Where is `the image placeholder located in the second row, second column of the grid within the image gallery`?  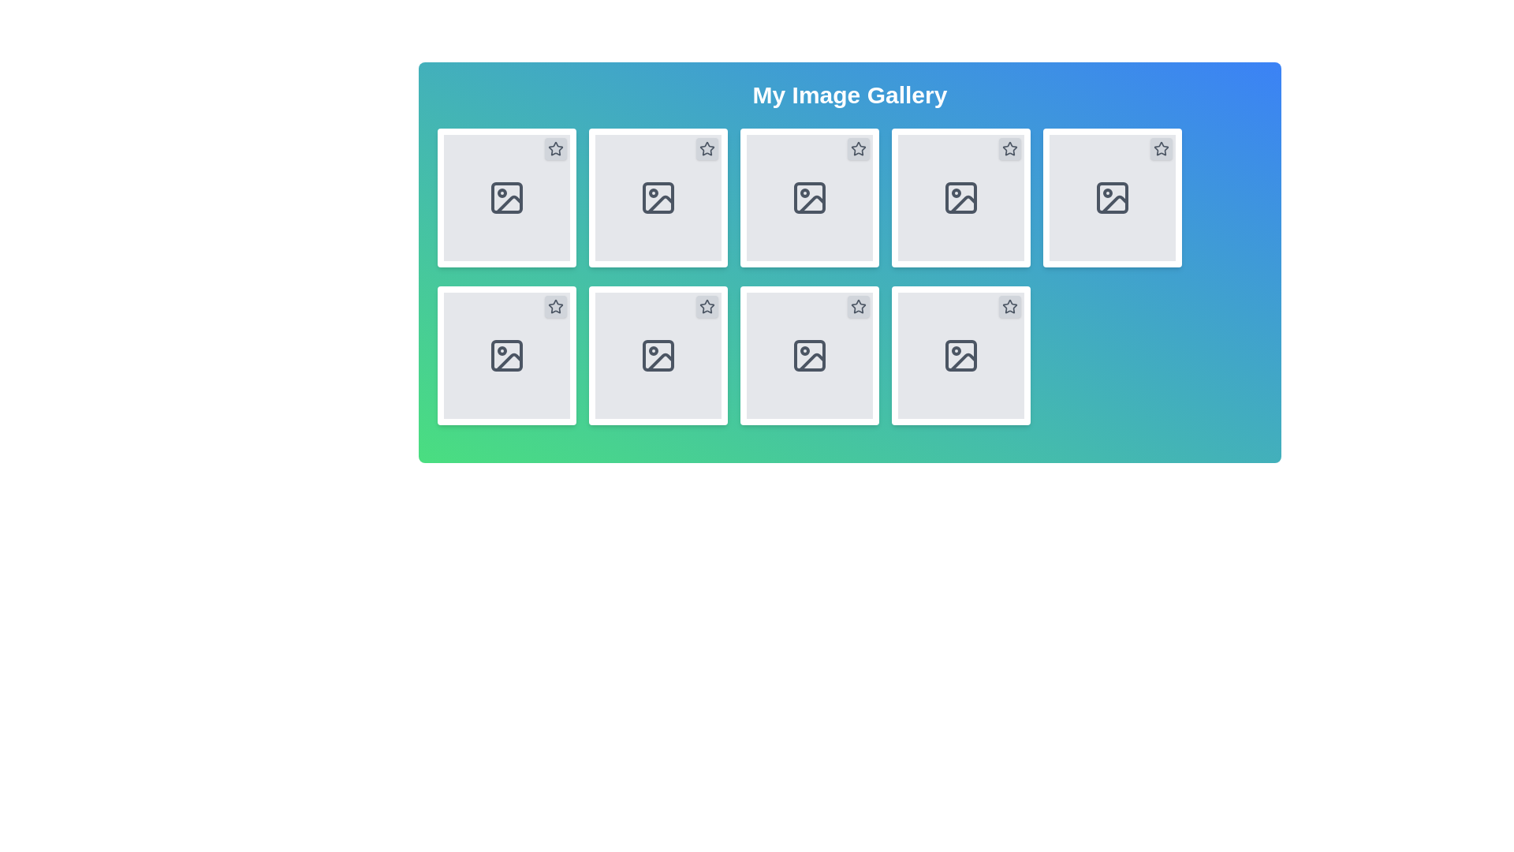
the image placeholder located in the second row, second column of the grid within the image gallery is located at coordinates (658, 356).